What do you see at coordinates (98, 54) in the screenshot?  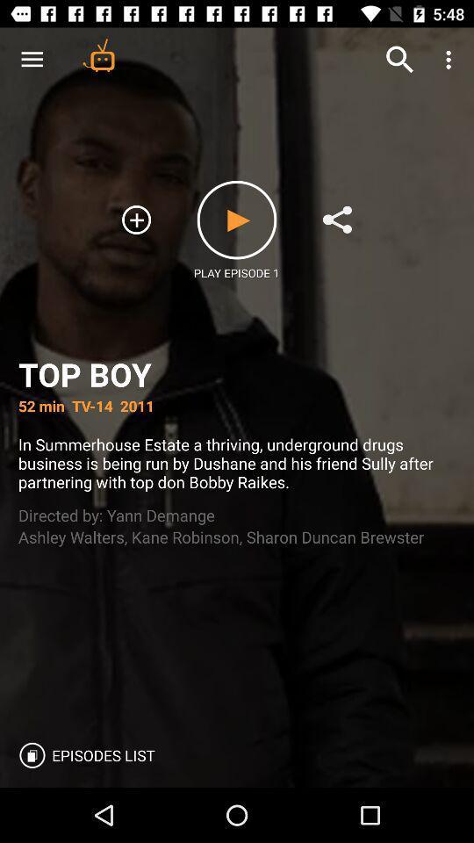 I see `the item above the top boy icon` at bounding box center [98, 54].